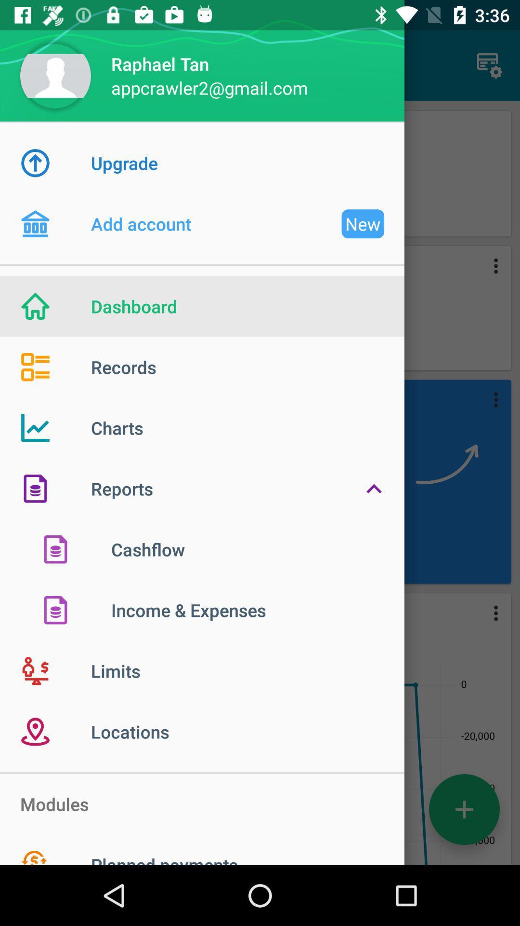 The width and height of the screenshot is (520, 926). What do you see at coordinates (55, 305) in the screenshot?
I see `the icon which is left side of the dashboard` at bounding box center [55, 305].